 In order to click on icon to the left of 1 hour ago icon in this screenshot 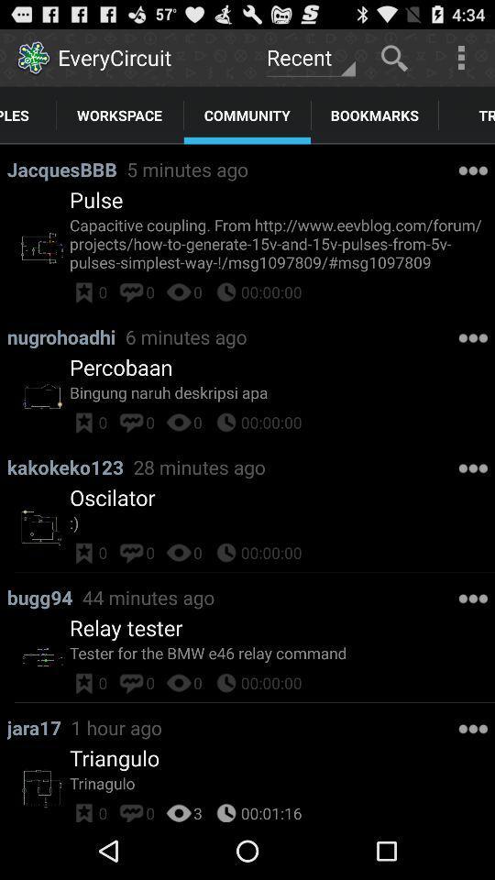, I will do `click(38, 727)`.